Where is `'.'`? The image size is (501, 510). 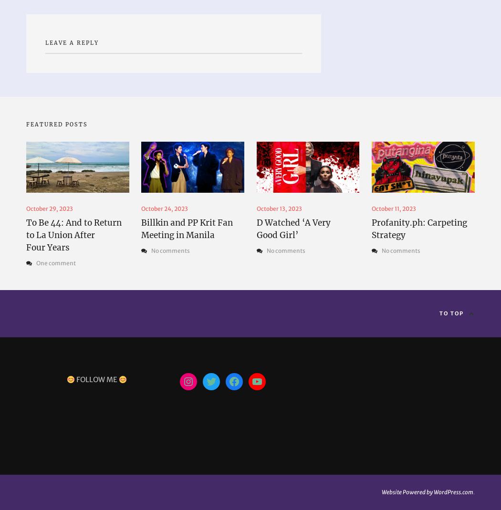 '.' is located at coordinates (474, 491).